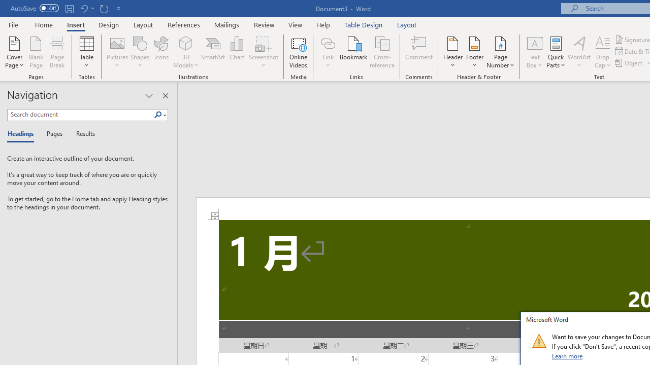  Describe the element at coordinates (139, 52) in the screenshot. I see `'Shapes'` at that location.